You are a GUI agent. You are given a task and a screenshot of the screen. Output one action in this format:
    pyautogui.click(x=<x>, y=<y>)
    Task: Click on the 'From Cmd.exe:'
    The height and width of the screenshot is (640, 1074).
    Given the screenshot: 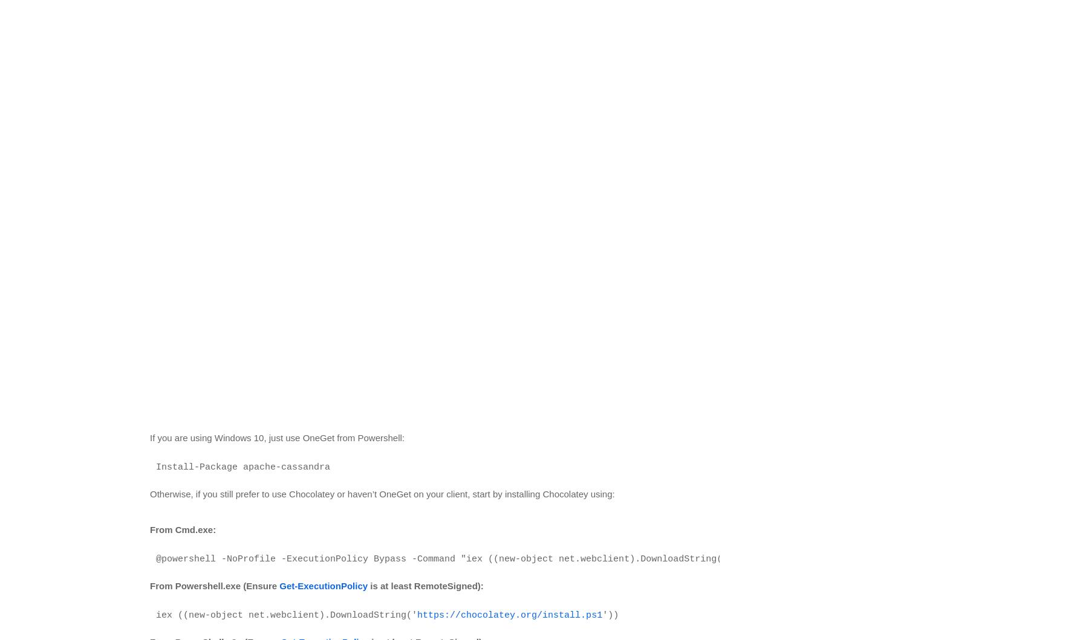 What is the action you would take?
    pyautogui.click(x=182, y=529)
    